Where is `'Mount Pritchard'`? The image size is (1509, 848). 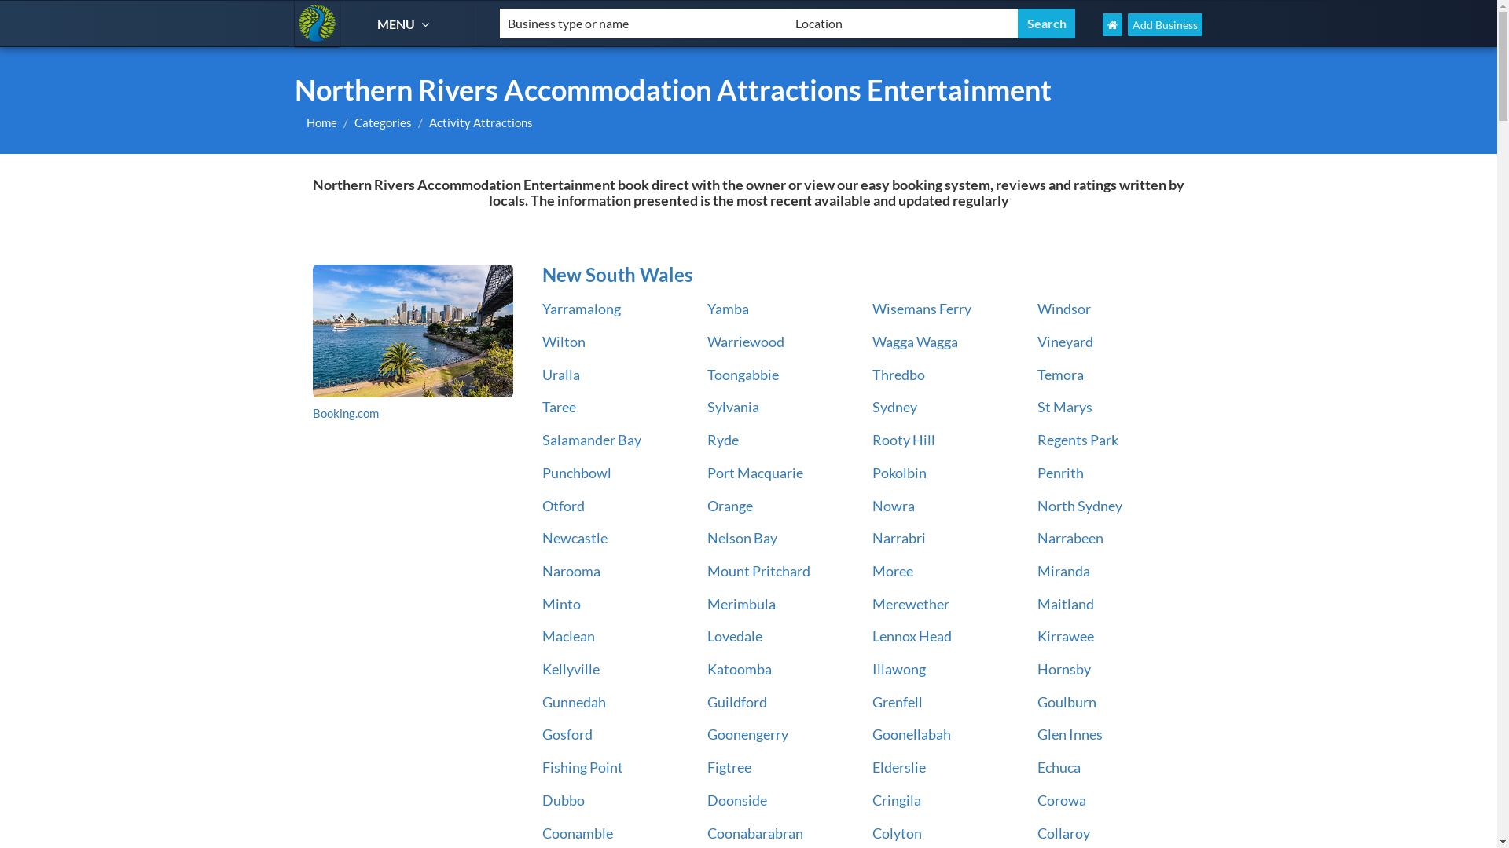
'Mount Pritchard' is located at coordinates (758, 570).